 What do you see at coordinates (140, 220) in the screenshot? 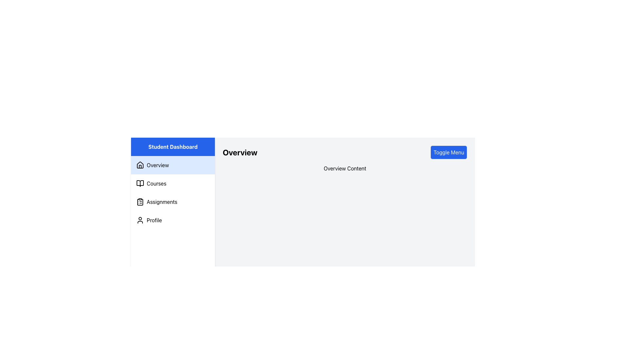
I see `the 'Profile' icon located in the vertical navigation menu on the left side of the page, positioned fourth in the menu list, to aid users in identifying user or account settings` at bounding box center [140, 220].